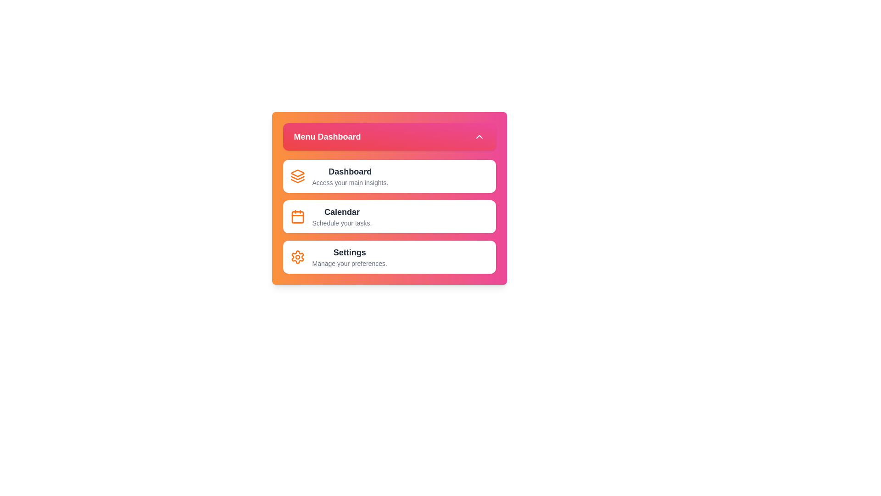 Image resolution: width=881 pixels, height=496 pixels. What do you see at coordinates (389, 257) in the screenshot?
I see `the menu item Settings to view its hover effect` at bounding box center [389, 257].